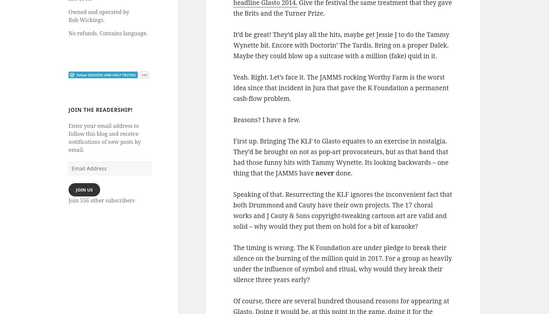 This screenshot has width=549, height=314. What do you see at coordinates (266, 120) in the screenshot?
I see `'Reasons? I have a few.'` at bounding box center [266, 120].